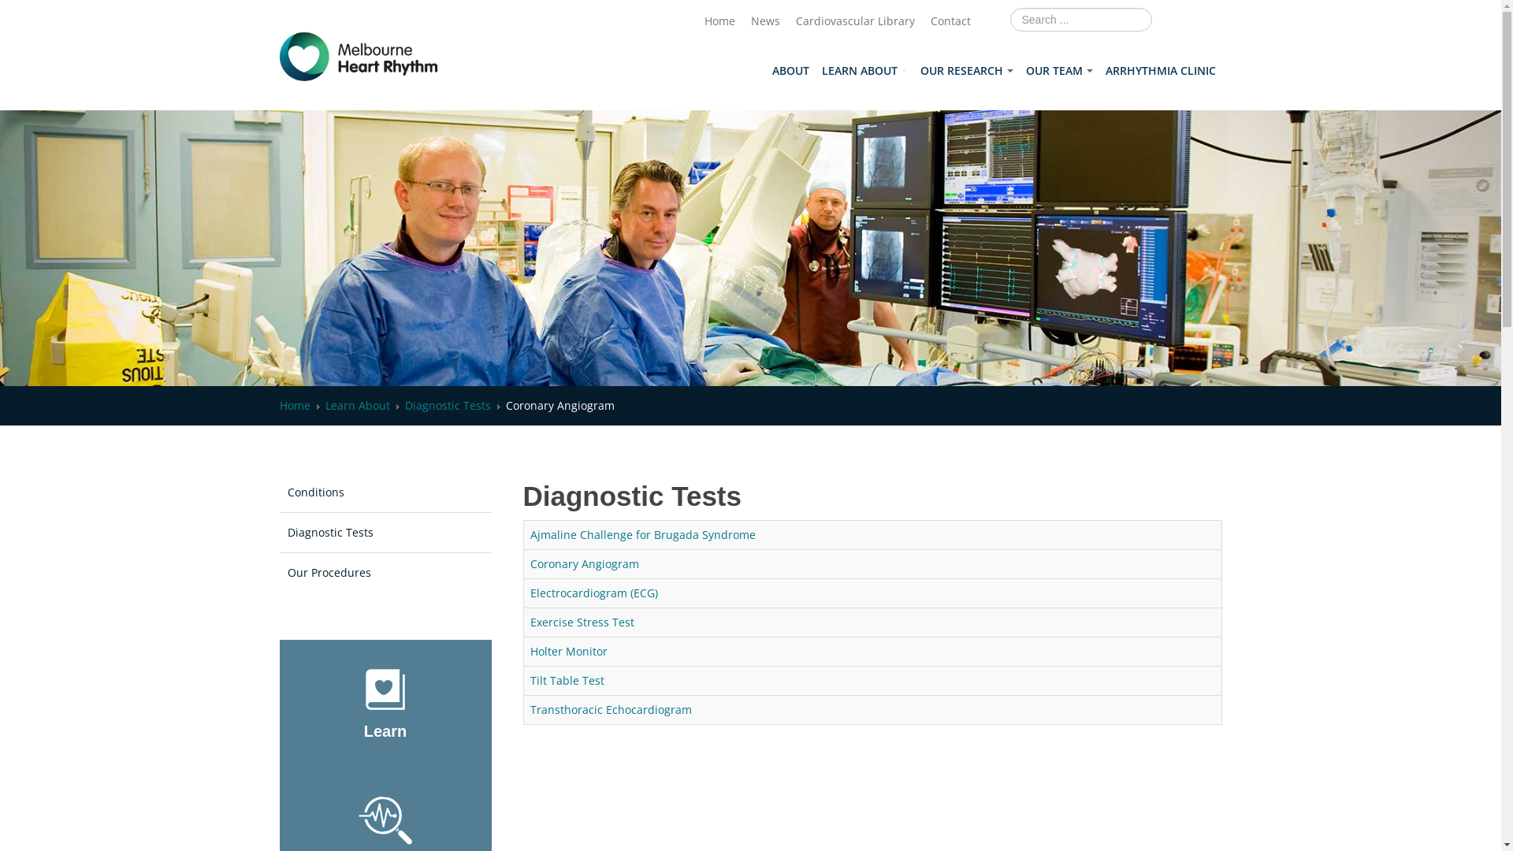 The image size is (1513, 851). I want to click on 'ARRHYTHMIA CLINIC', so click(1160, 69).